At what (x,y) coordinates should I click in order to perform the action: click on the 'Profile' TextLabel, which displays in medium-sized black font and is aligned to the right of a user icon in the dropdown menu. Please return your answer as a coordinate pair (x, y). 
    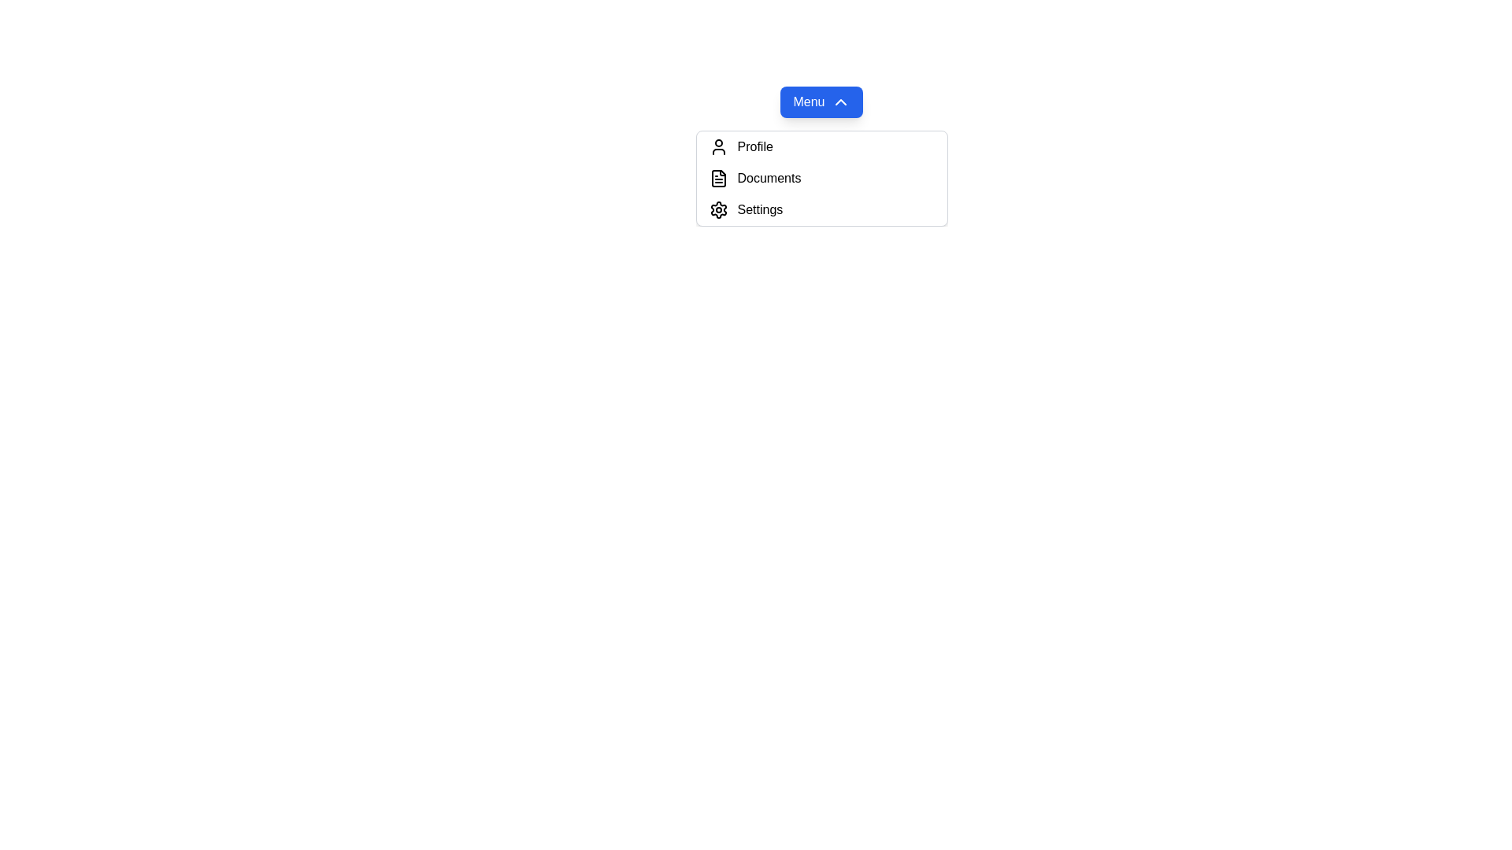
    Looking at the image, I should click on (754, 146).